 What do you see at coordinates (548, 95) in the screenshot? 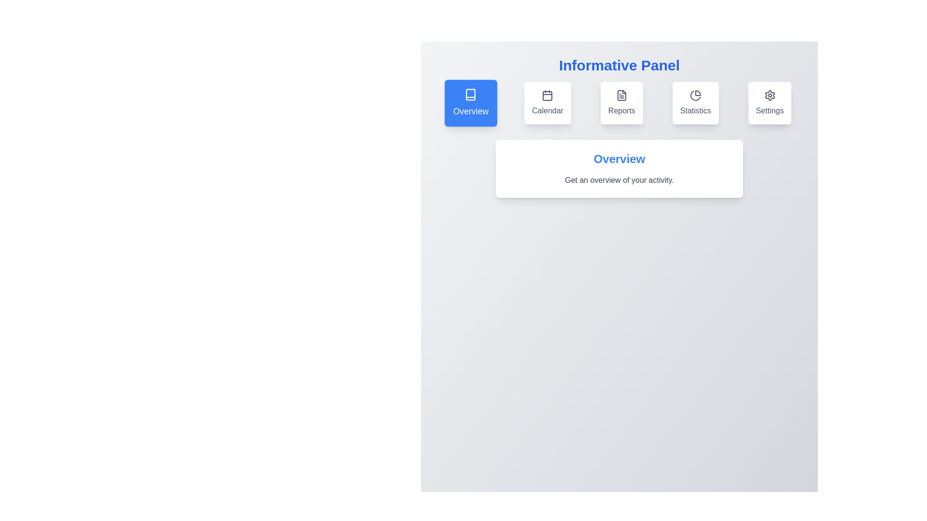
I see `the calendar icon, which is outlined in black and resembles a page of a calendar` at bounding box center [548, 95].